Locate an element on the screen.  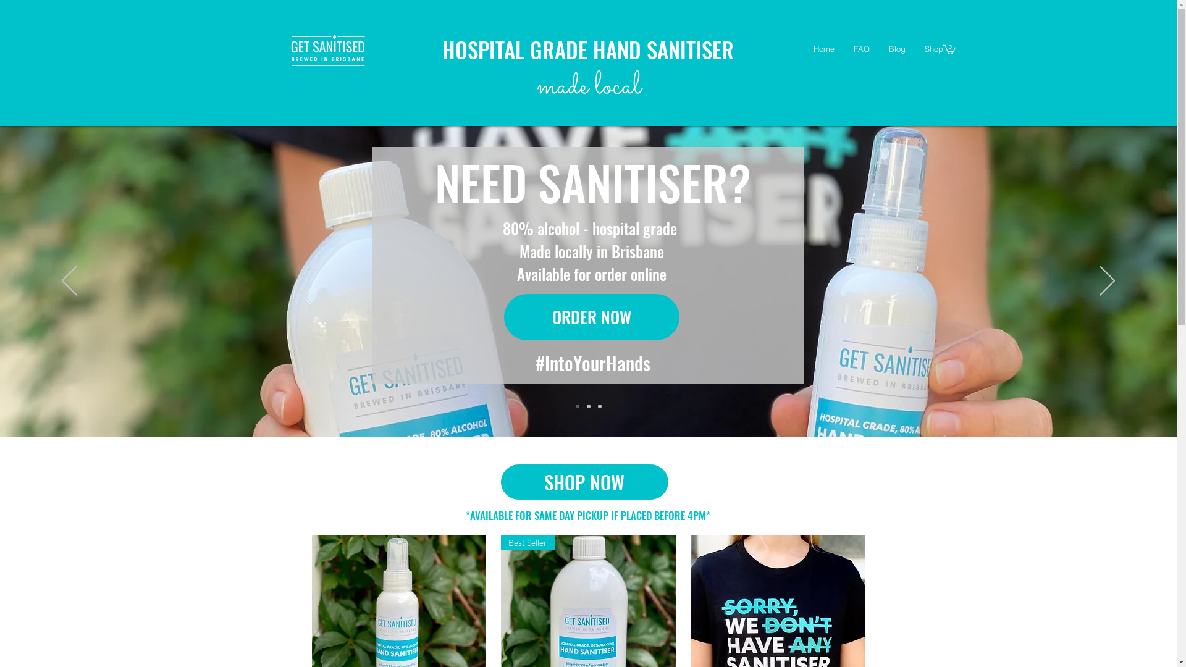
'Home' is located at coordinates (824, 48).